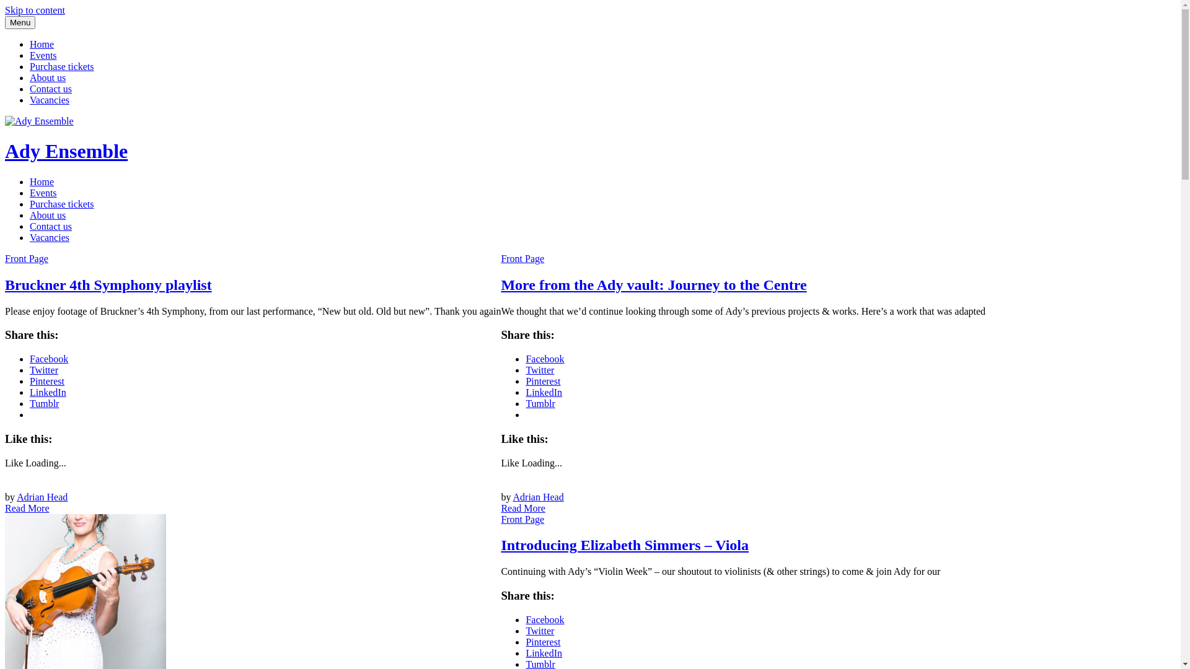 The image size is (1190, 669). Describe the element at coordinates (500, 258) in the screenshot. I see `'Front Page'` at that location.